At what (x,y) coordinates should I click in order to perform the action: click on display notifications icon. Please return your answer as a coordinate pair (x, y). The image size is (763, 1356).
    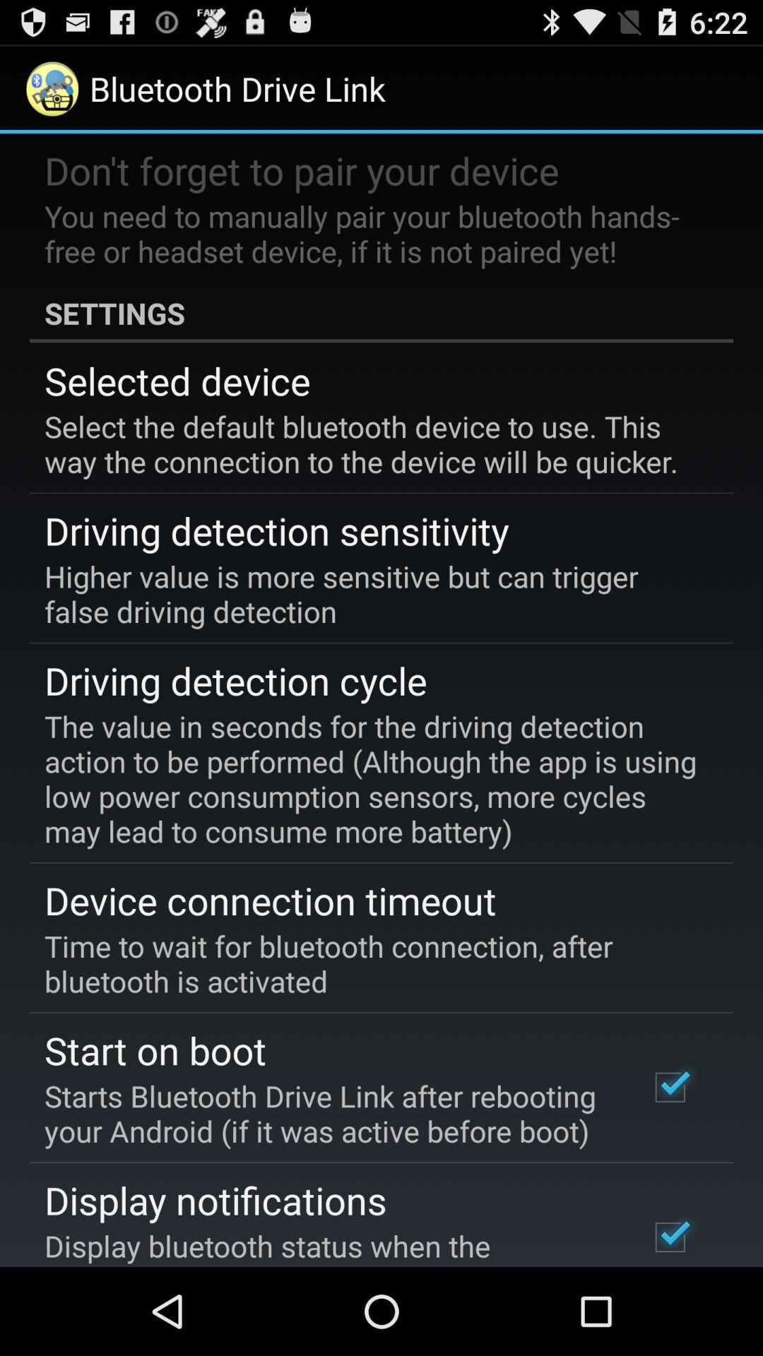
    Looking at the image, I should click on (215, 1199).